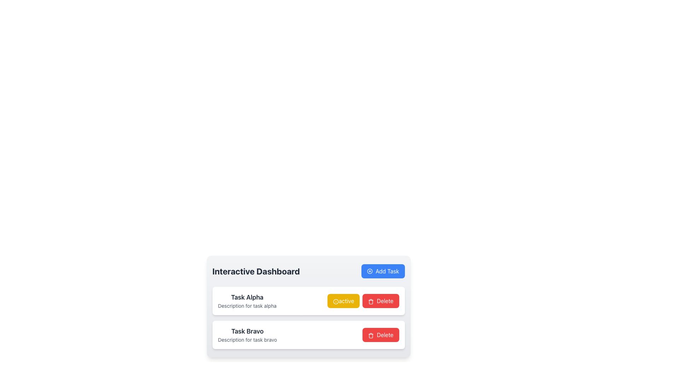  What do you see at coordinates (383, 271) in the screenshot?
I see `the rectangular button with a blue background and white text reading 'Add Task' to trigger hover effects` at bounding box center [383, 271].